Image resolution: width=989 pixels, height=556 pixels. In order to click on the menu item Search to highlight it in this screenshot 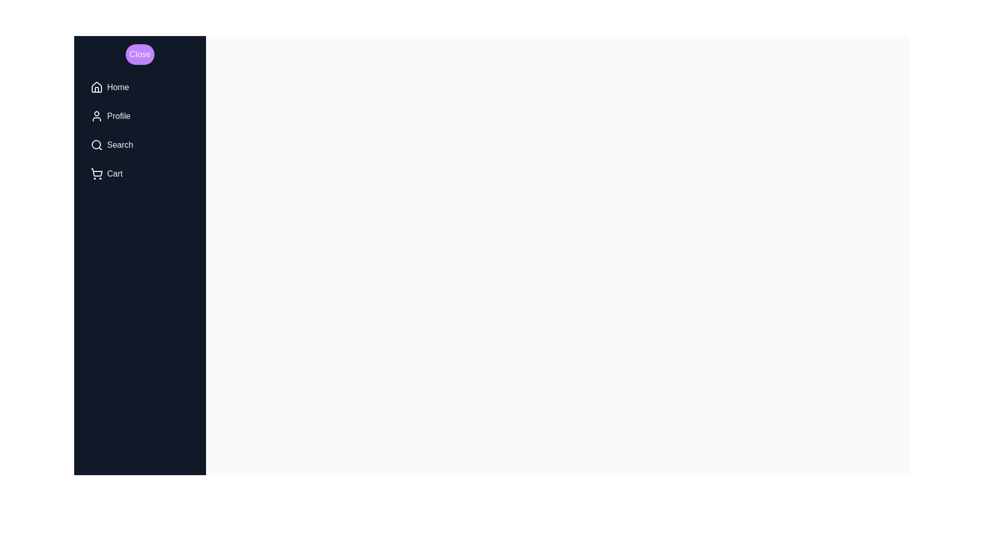, I will do `click(140, 145)`.